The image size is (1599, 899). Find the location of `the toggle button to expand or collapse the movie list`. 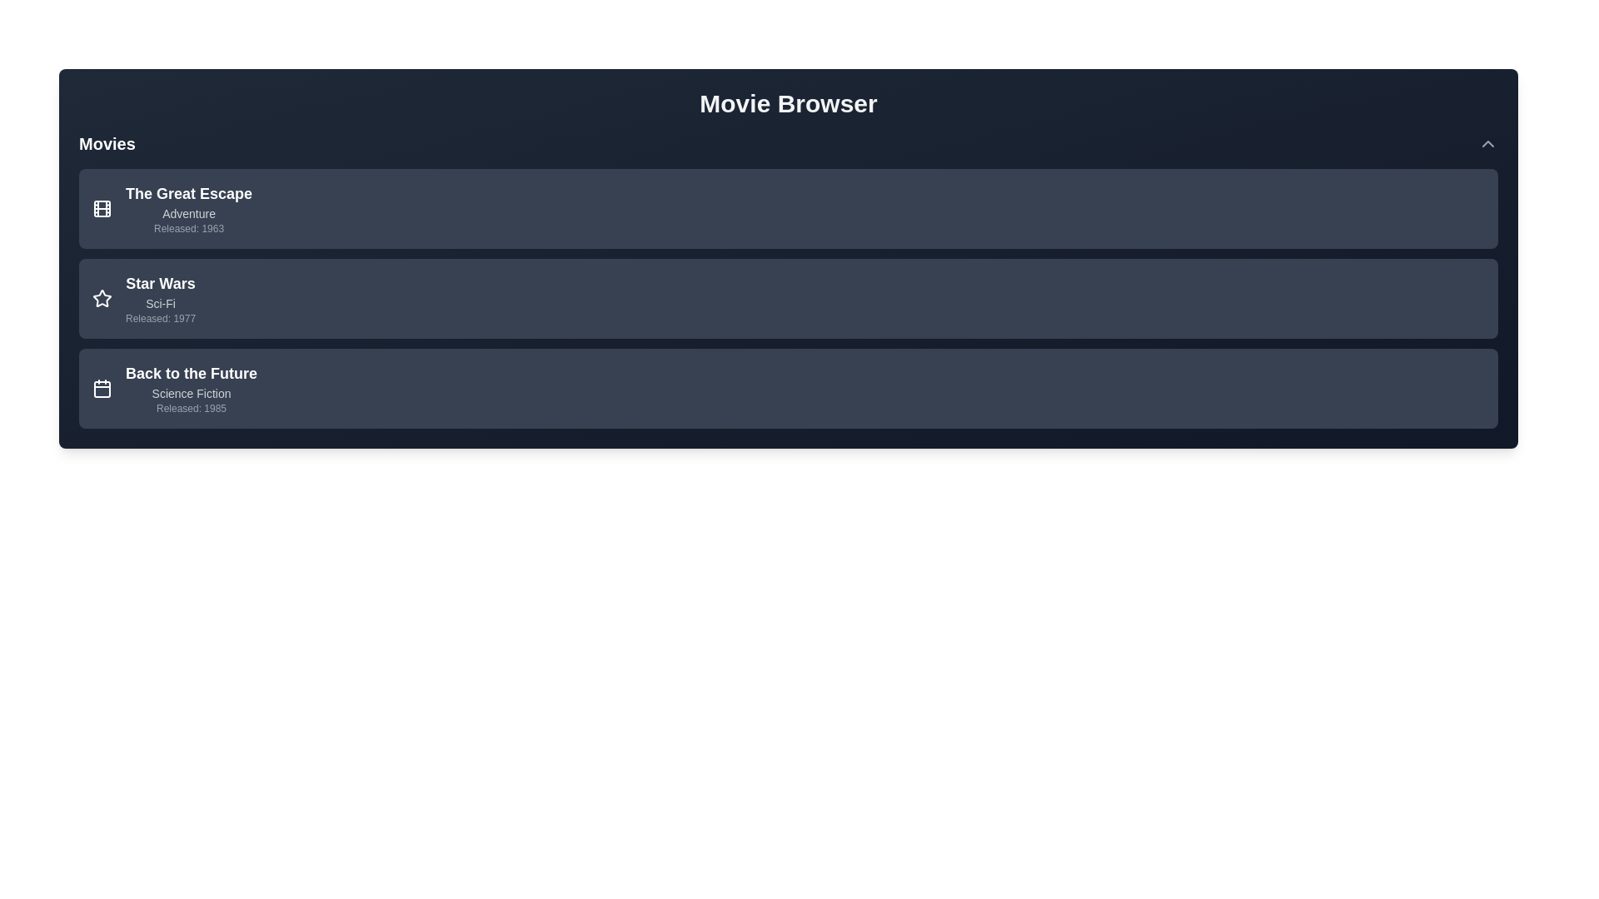

the toggle button to expand or collapse the movie list is located at coordinates (1487, 143).